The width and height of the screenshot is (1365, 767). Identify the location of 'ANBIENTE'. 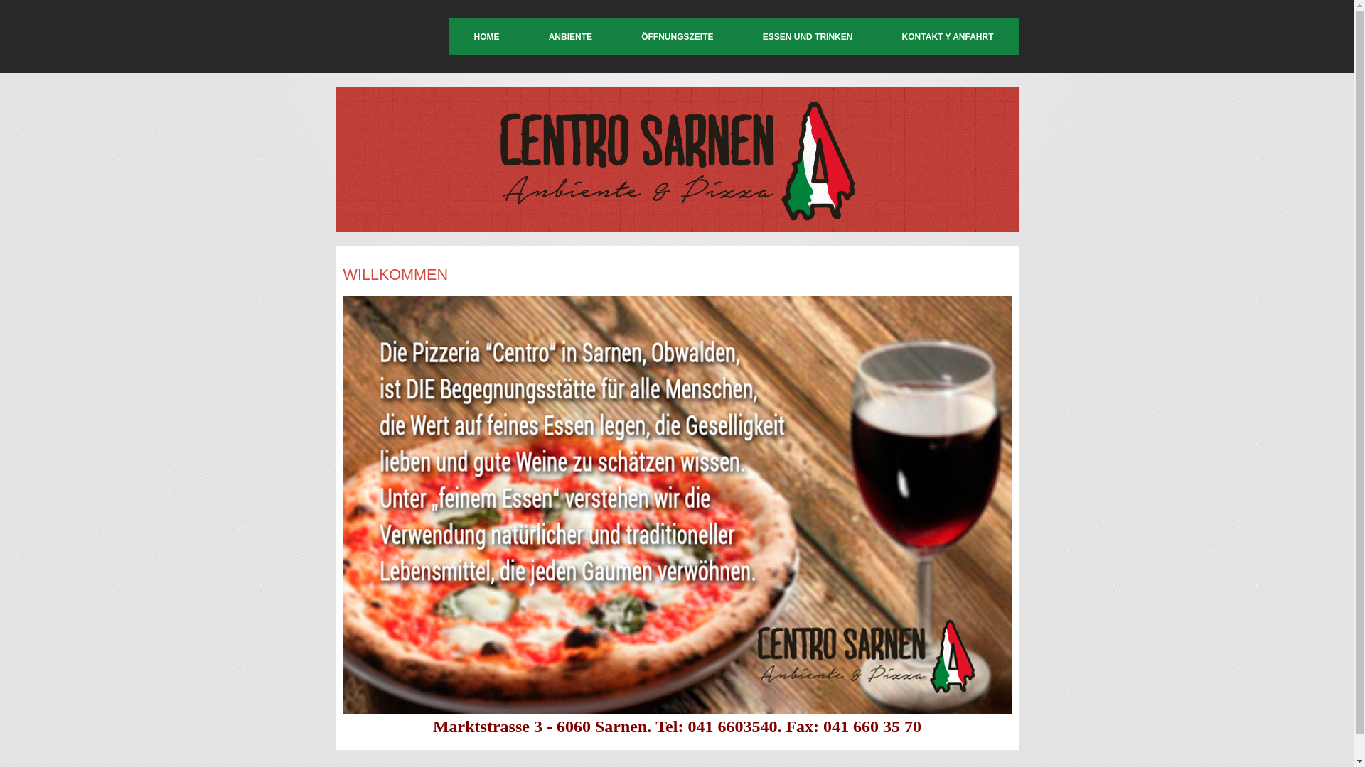
(570, 36).